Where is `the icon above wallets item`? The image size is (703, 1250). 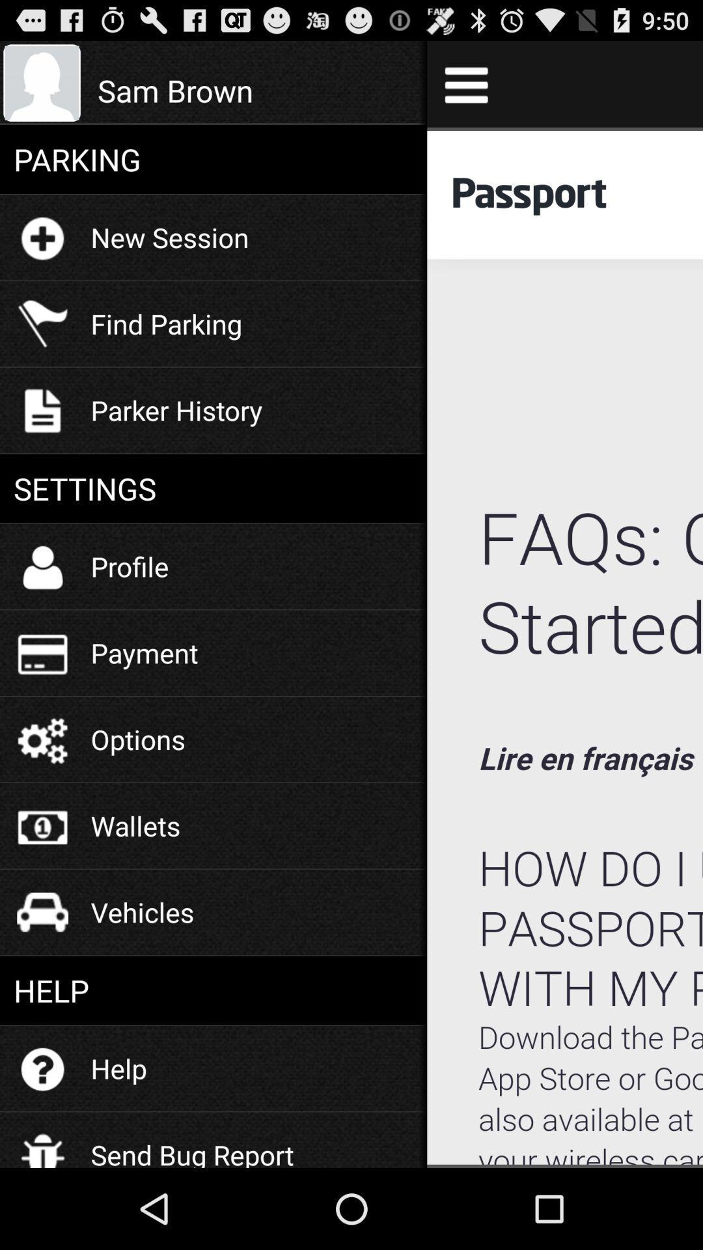
the icon above wallets item is located at coordinates (138, 739).